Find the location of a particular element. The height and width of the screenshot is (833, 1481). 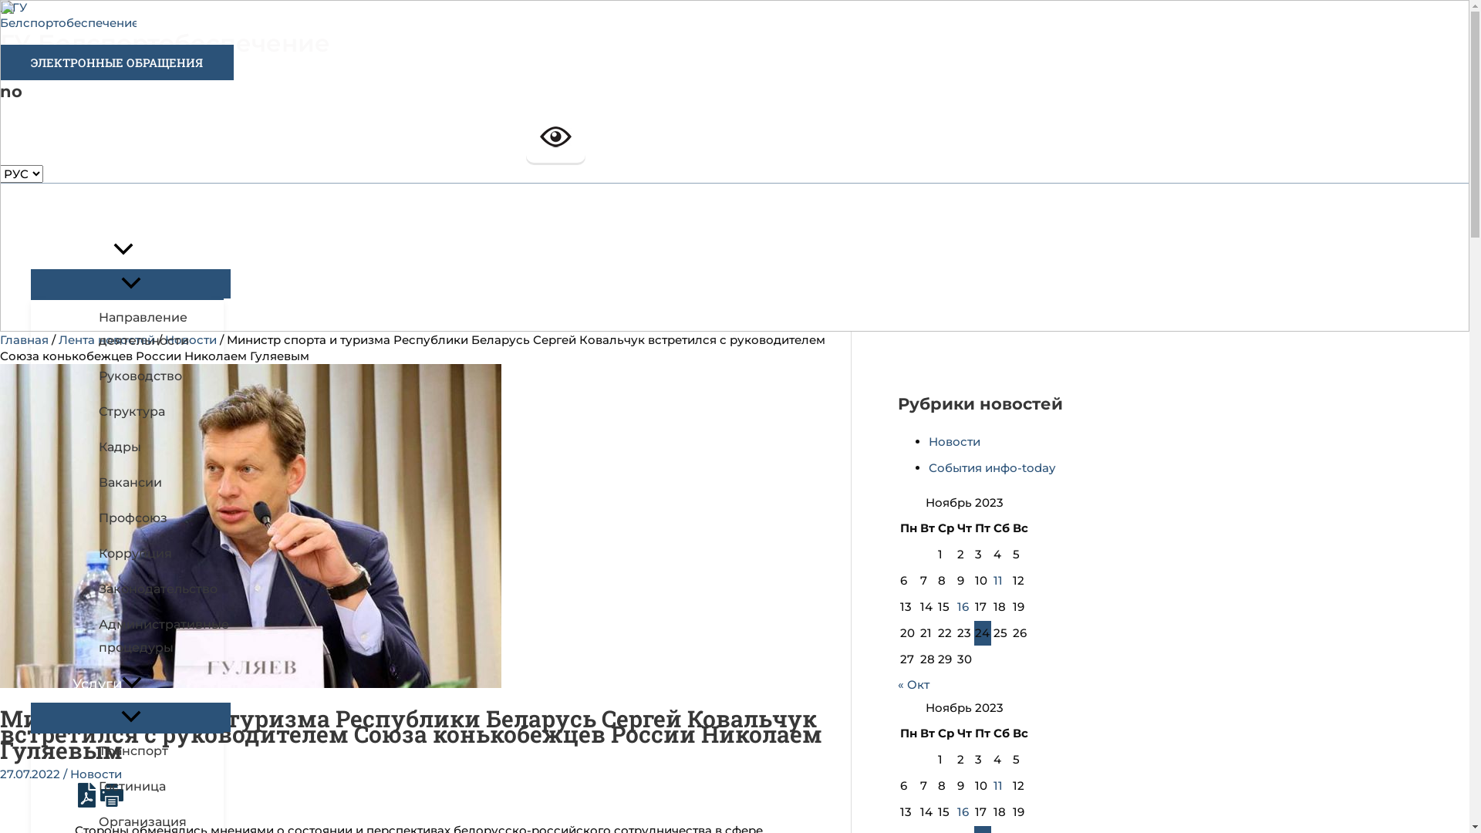

'11' is located at coordinates (998, 580).